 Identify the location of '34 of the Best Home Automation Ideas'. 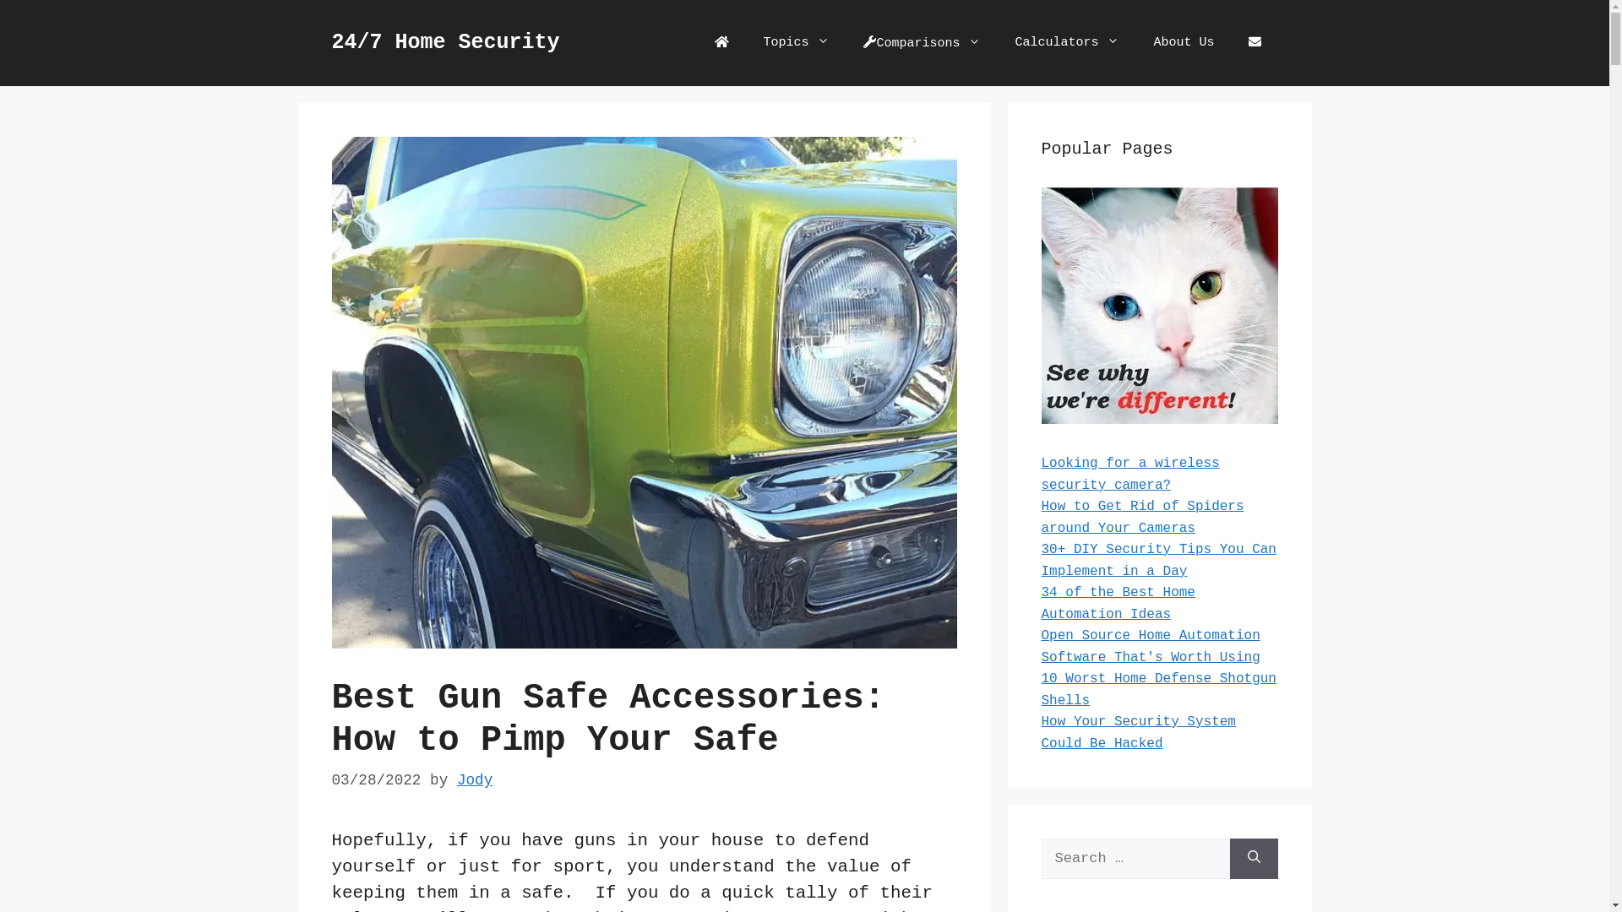
(1118, 602).